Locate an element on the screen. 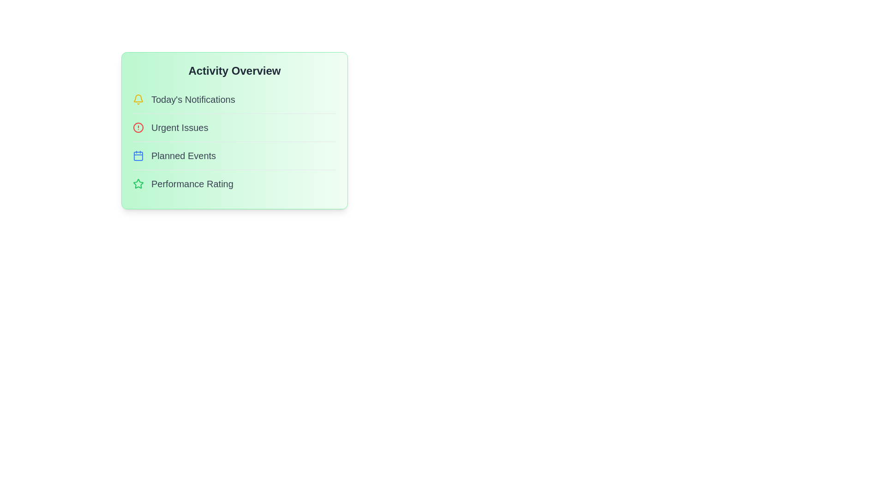 Image resolution: width=886 pixels, height=498 pixels. the star icon with a green outline that is located to the left of the 'Performance Rating' text in the fourth row of the vertical list within the 'Activity Overview' panel is located at coordinates (138, 184).